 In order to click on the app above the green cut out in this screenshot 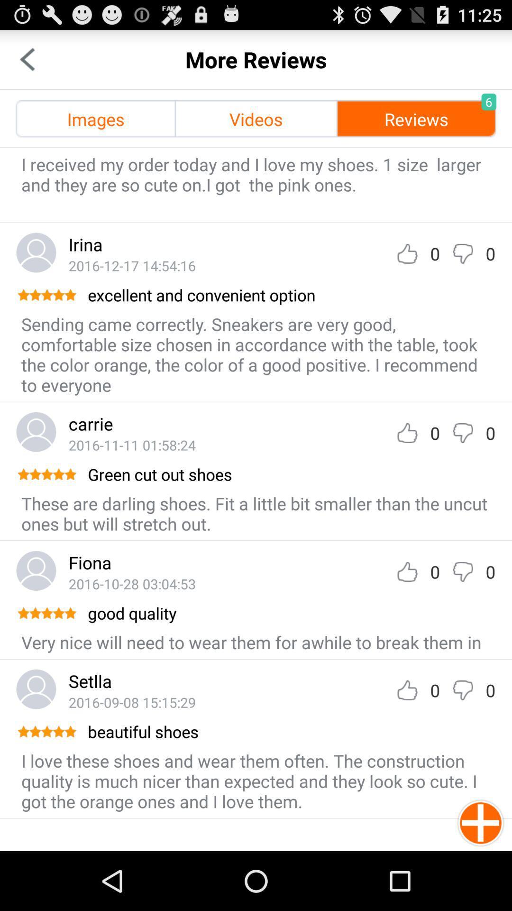, I will do `click(132, 444)`.